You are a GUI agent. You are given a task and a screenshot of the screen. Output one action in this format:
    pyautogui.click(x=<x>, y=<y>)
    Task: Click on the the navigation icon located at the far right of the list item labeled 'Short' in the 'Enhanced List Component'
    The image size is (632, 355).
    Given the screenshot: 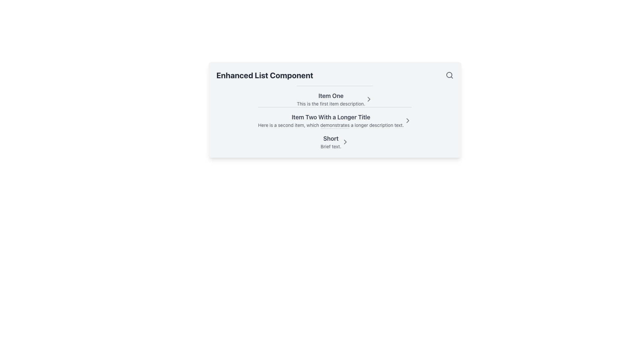 What is the action you would take?
    pyautogui.click(x=345, y=142)
    